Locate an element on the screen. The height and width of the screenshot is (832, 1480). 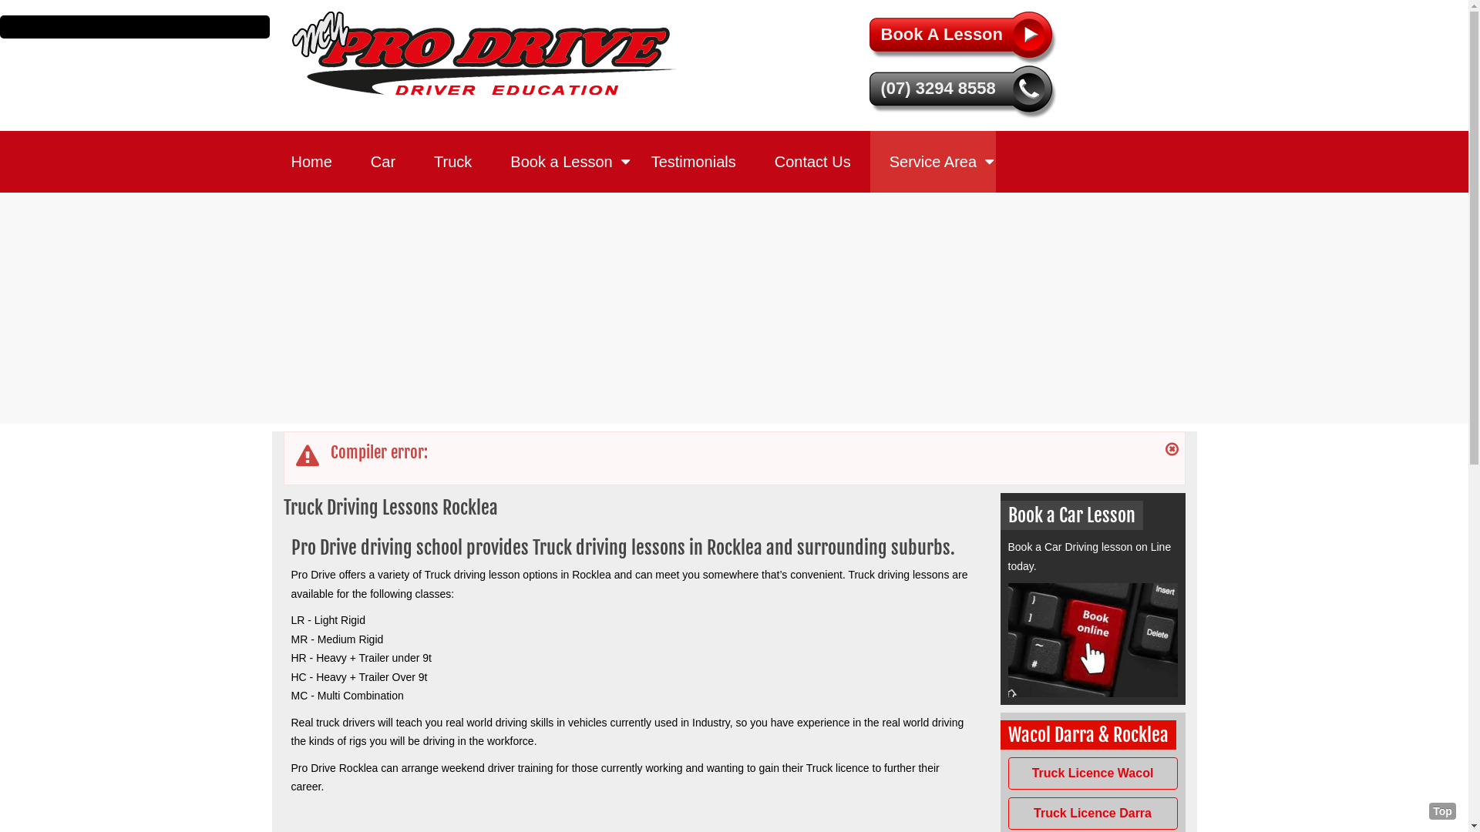
'Home' is located at coordinates (310, 161).